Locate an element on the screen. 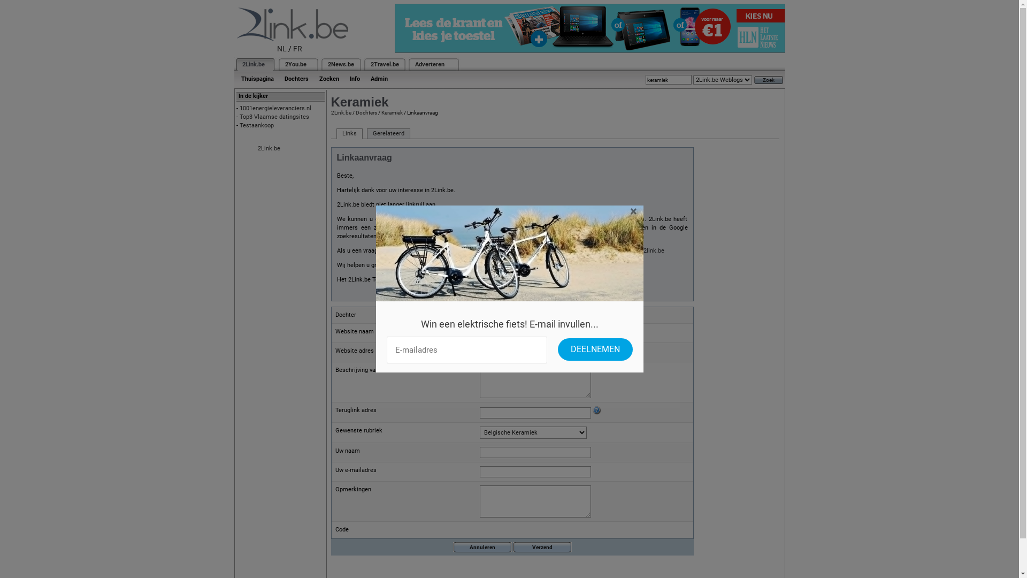 The width and height of the screenshot is (1027, 578). 'Keramiek' is located at coordinates (390, 112).